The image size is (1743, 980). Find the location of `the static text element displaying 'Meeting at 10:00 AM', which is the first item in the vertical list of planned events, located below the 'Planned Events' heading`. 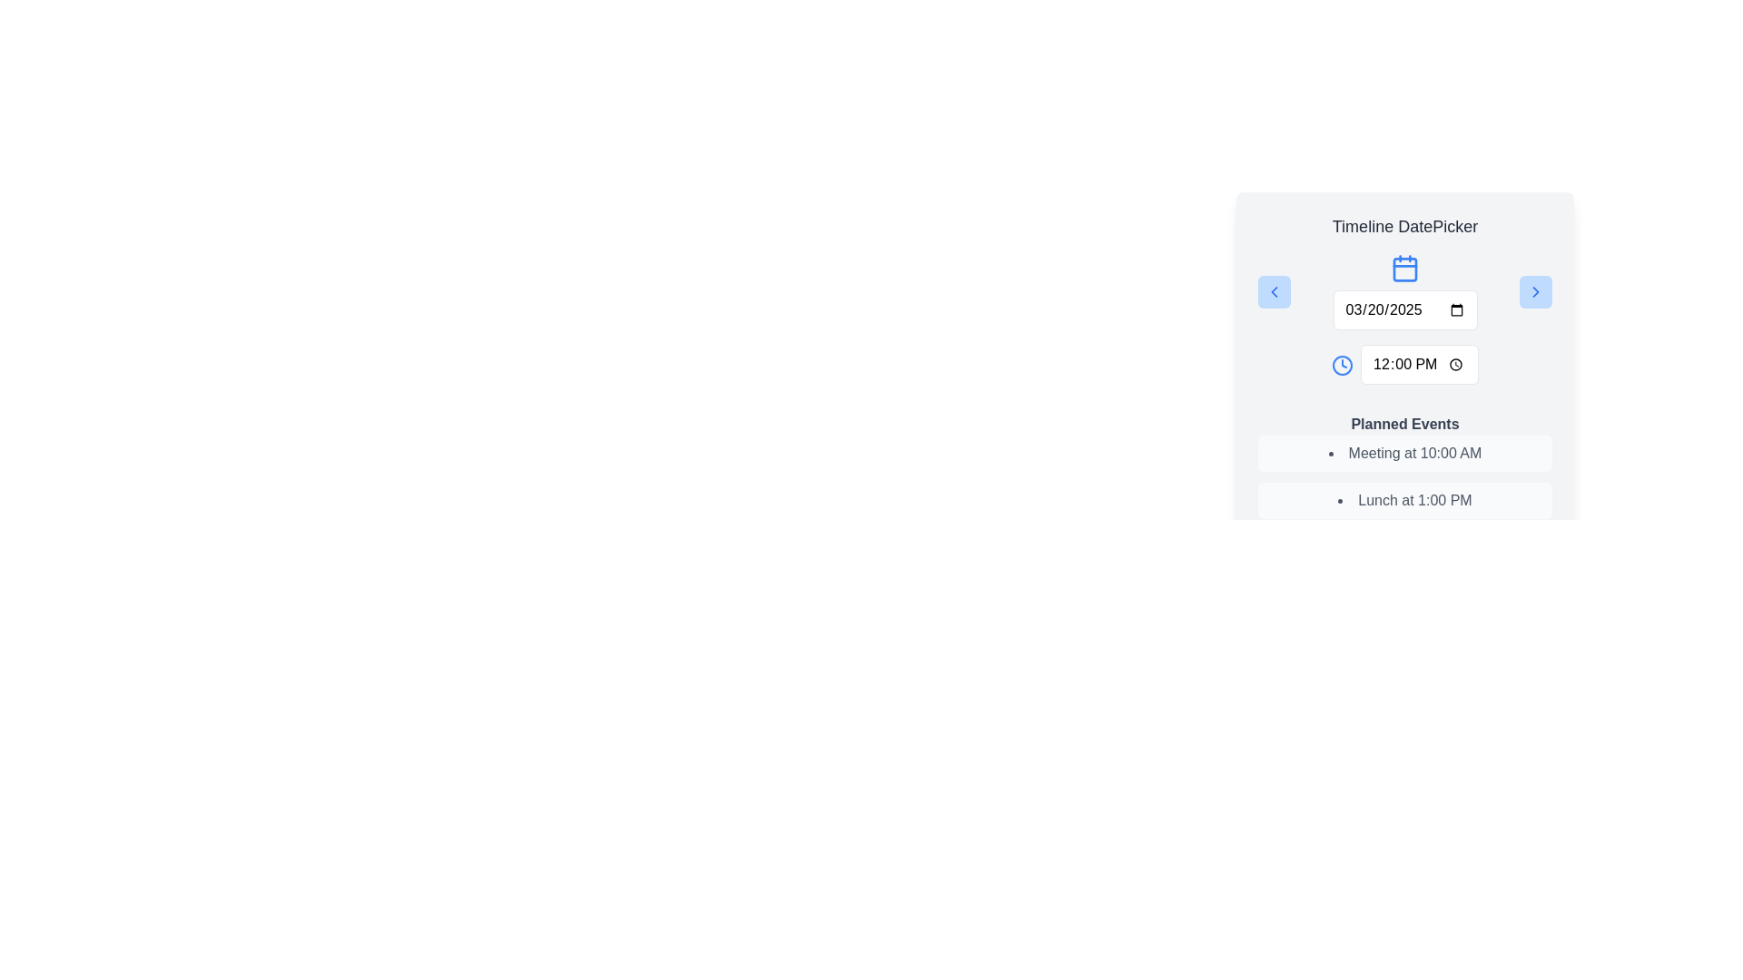

the static text element displaying 'Meeting at 10:00 AM', which is the first item in the vertical list of planned events, located below the 'Planned Events' heading is located at coordinates (1404, 453).